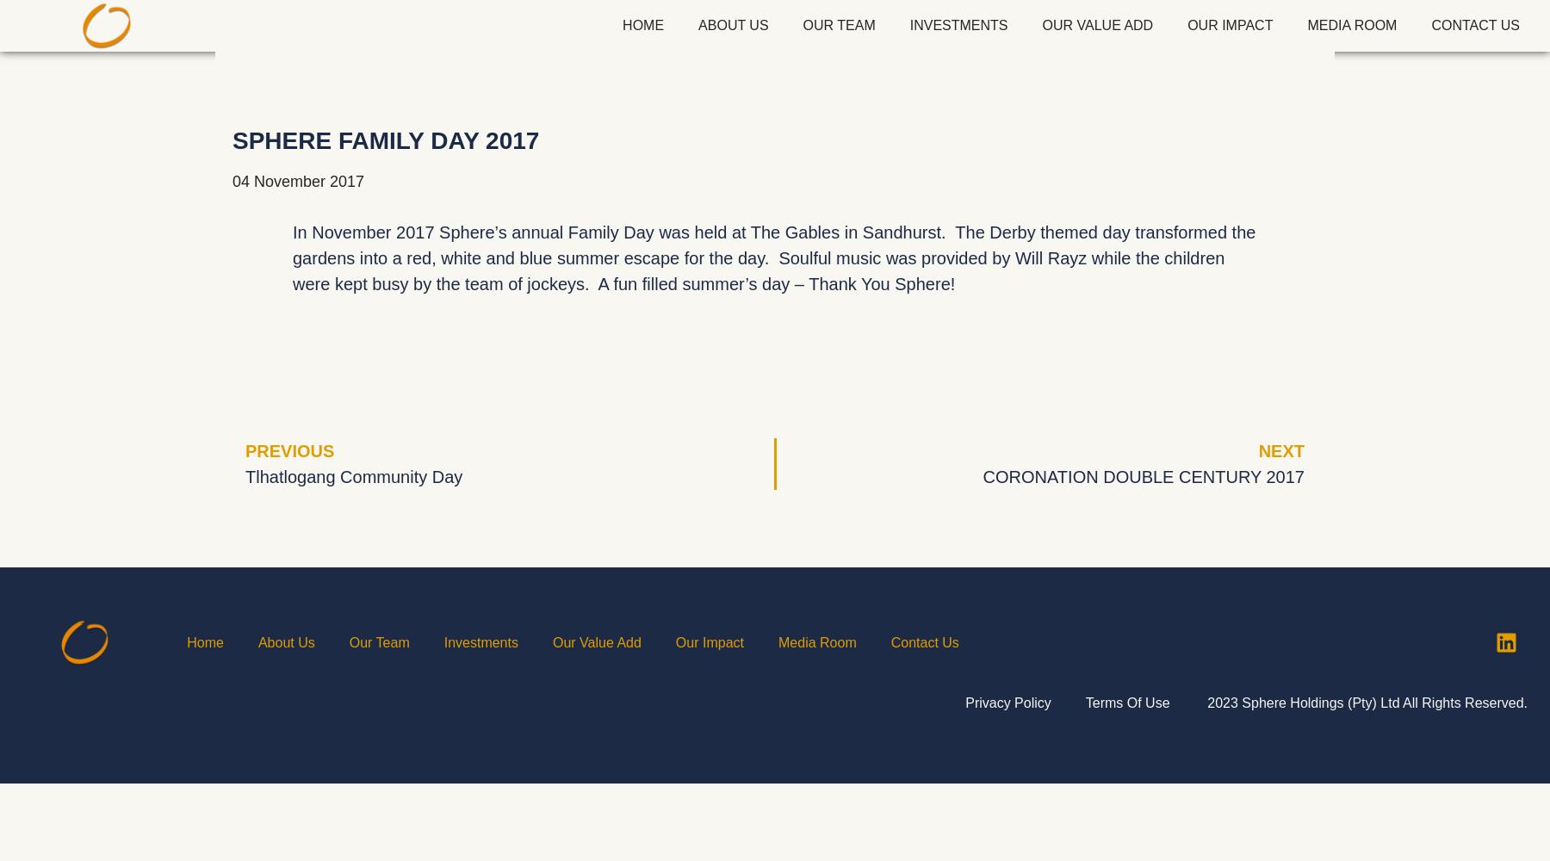 The image size is (1550, 861). I want to click on '04 November 2017', so click(298, 181).